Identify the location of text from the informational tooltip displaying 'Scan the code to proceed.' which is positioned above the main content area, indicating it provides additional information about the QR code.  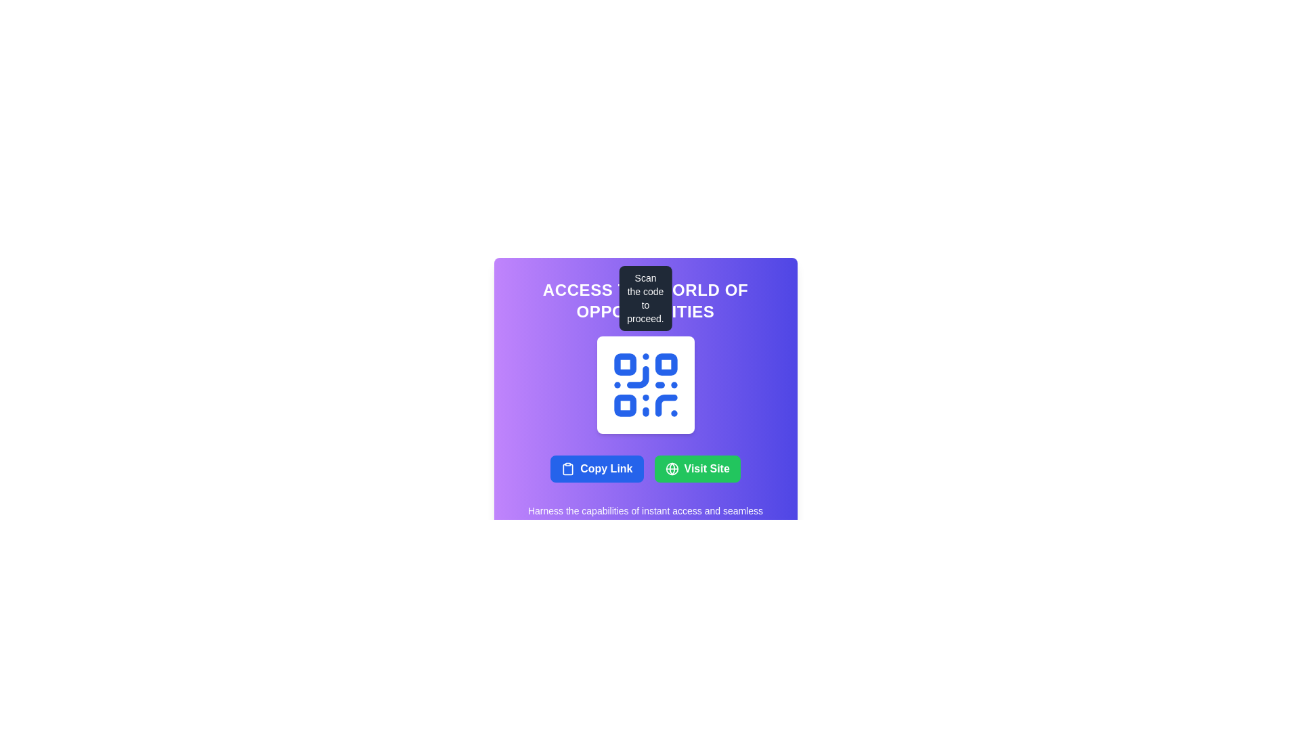
(645, 297).